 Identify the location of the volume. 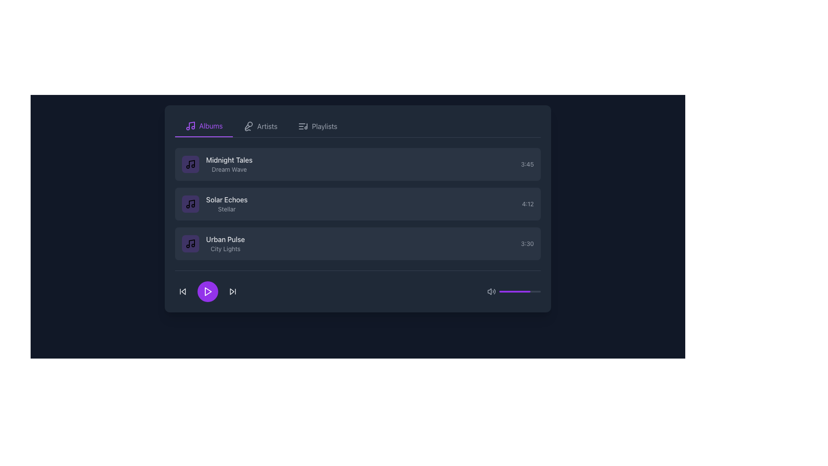
(539, 291).